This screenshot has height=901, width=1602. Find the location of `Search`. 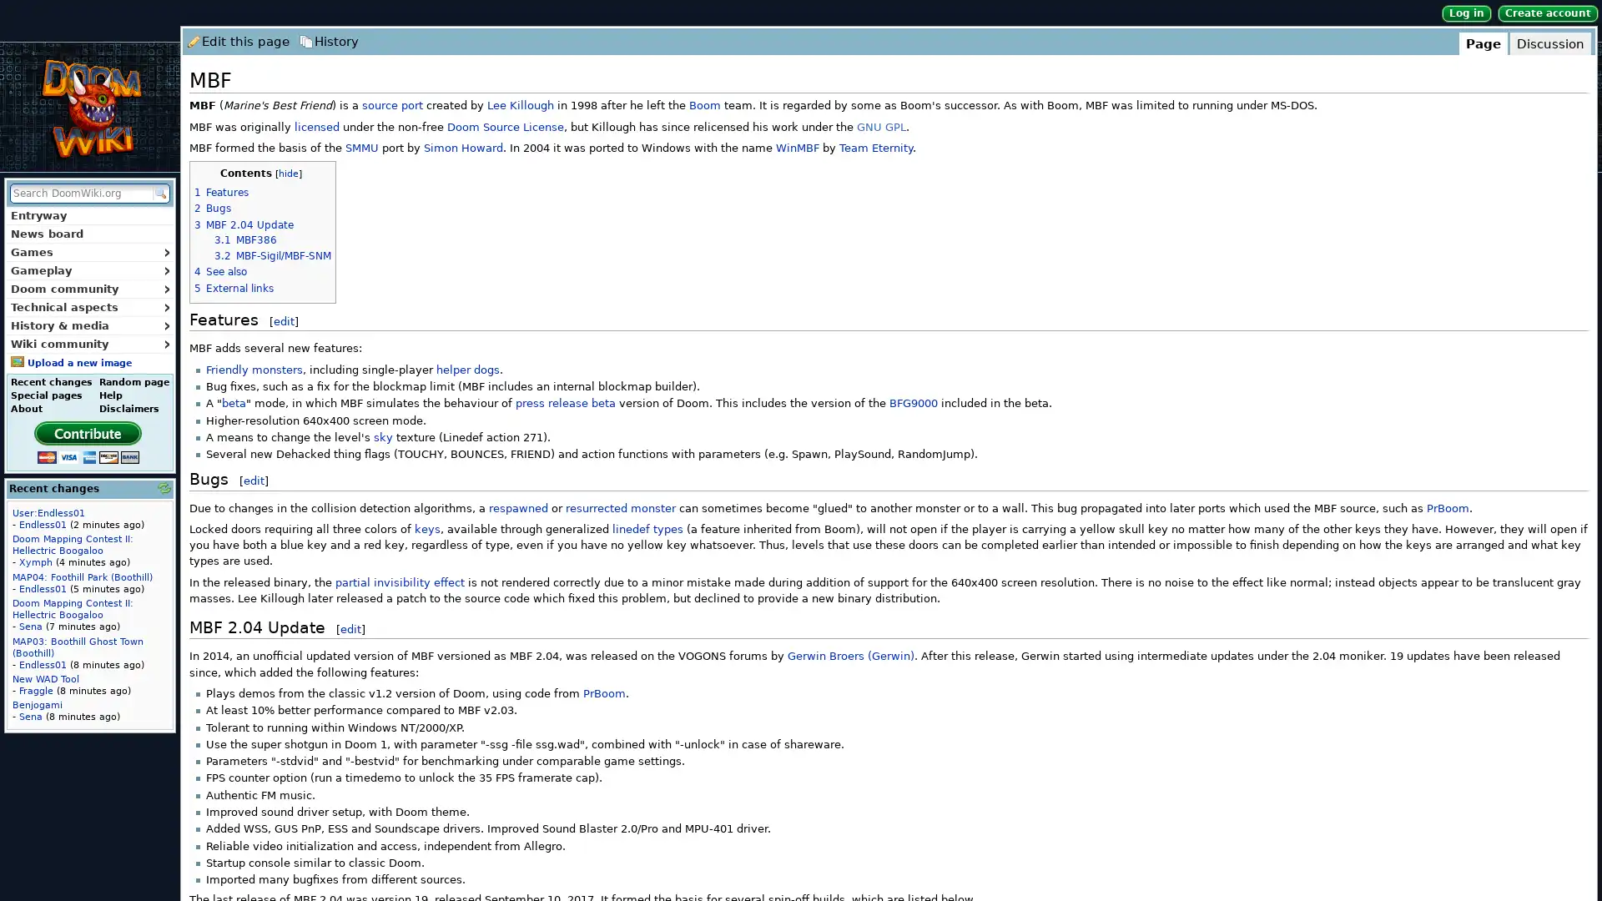

Search is located at coordinates (159, 192).